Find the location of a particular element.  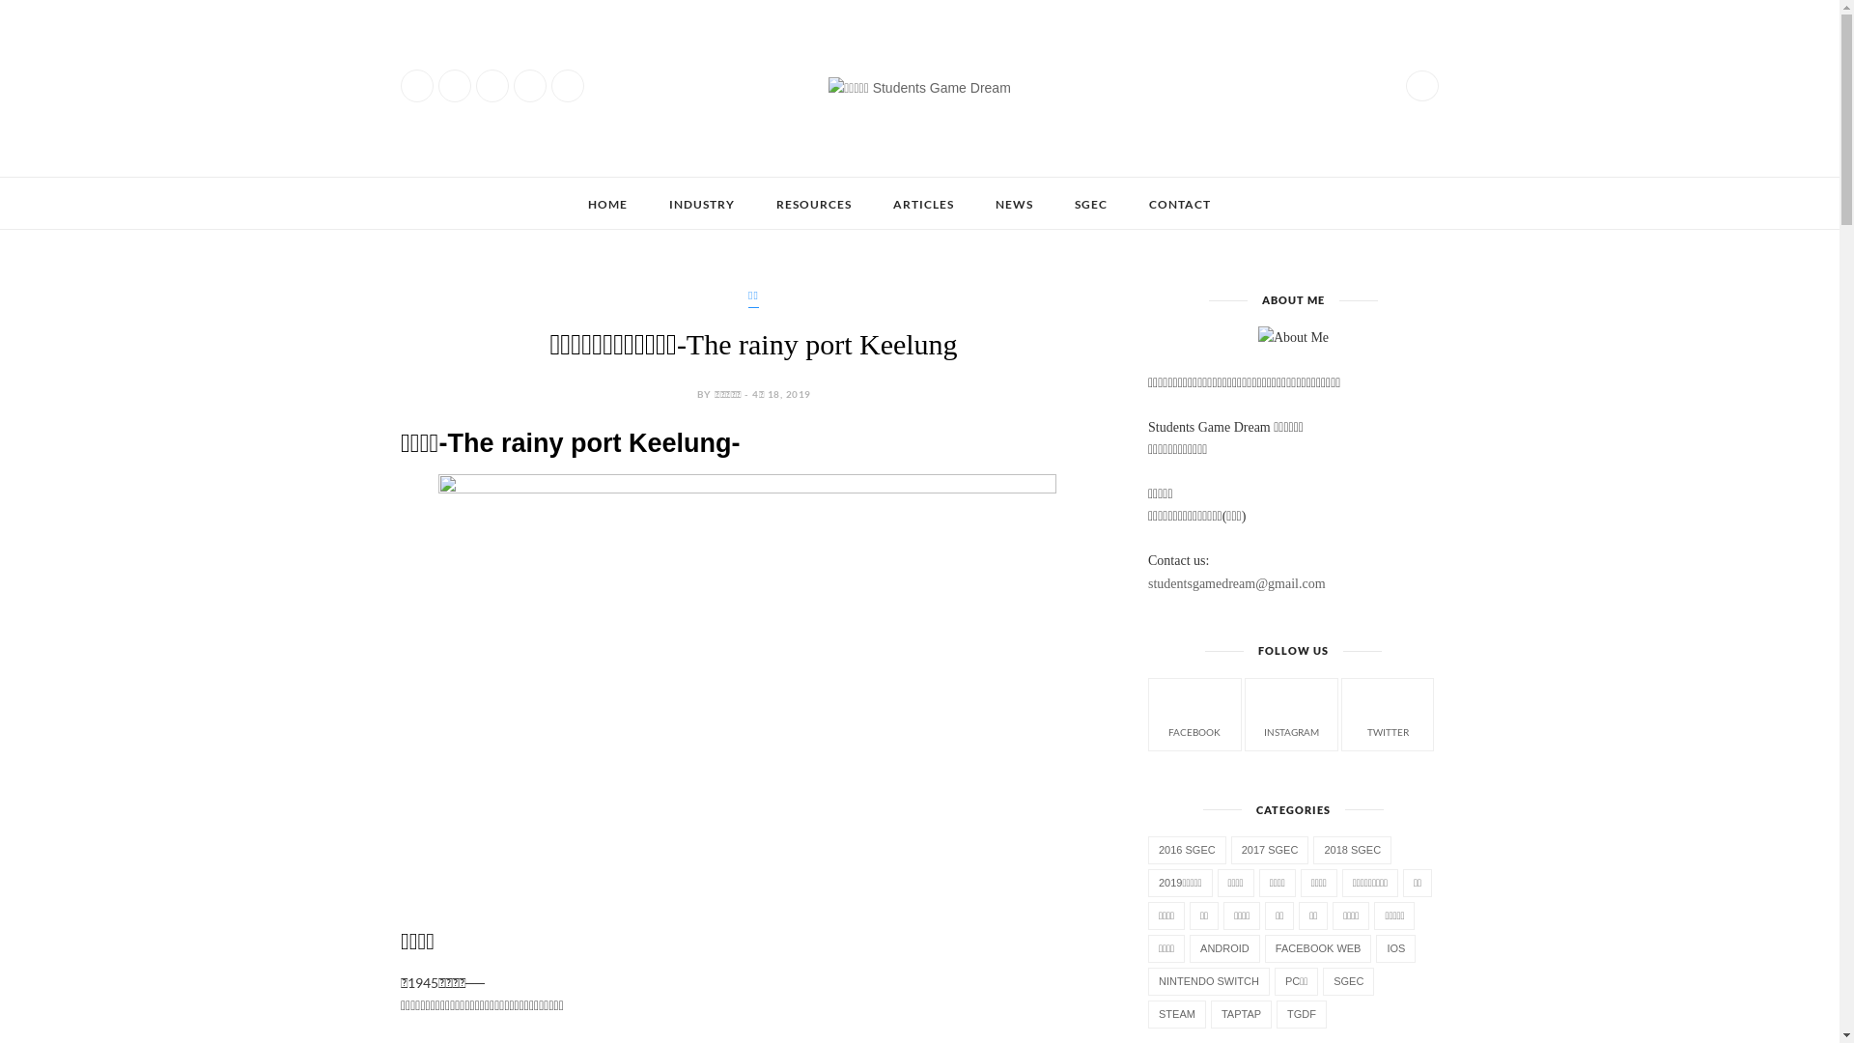

'TWITTER' is located at coordinates (1387, 713).